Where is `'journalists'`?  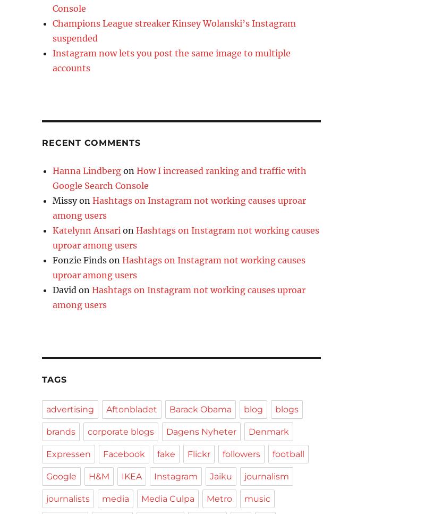
'journalists' is located at coordinates (67, 499).